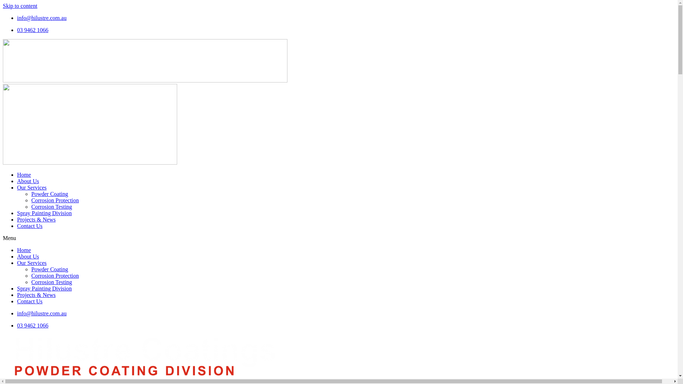  What do you see at coordinates (17, 256) in the screenshot?
I see `'About Us'` at bounding box center [17, 256].